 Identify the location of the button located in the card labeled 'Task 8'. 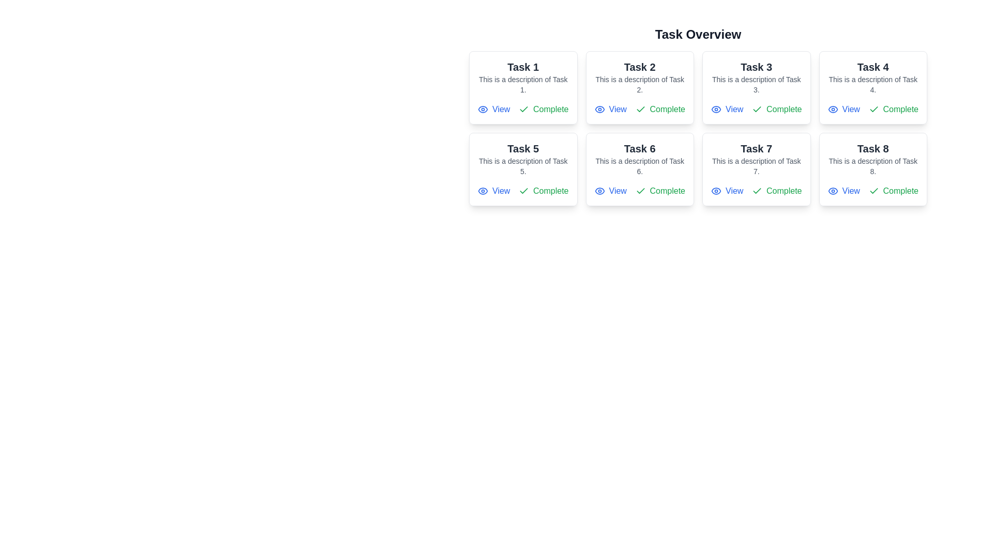
(844, 191).